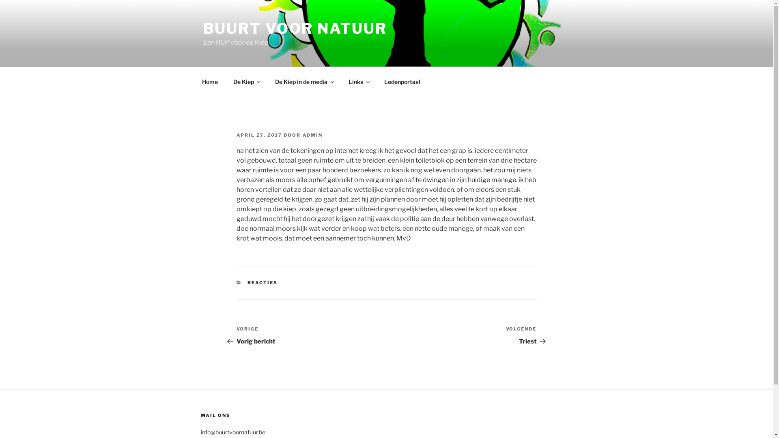 The image size is (779, 438). Describe the element at coordinates (311, 335) in the screenshot. I see `'Vorig bericht` at that location.